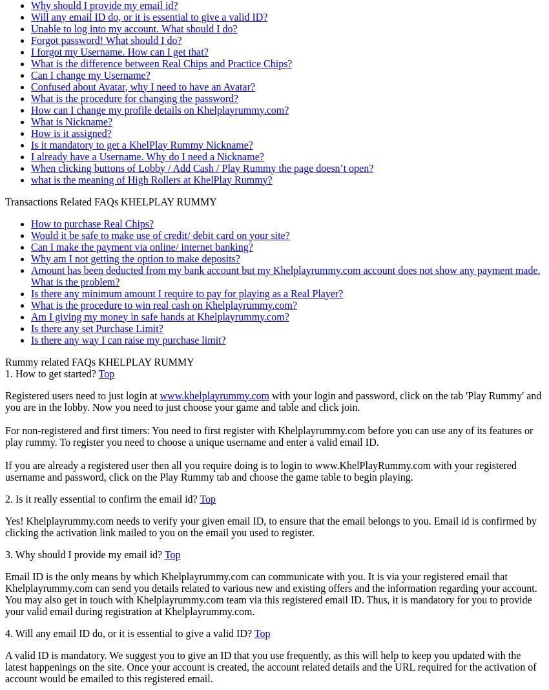  Describe the element at coordinates (90, 74) in the screenshot. I see `'Can I change my Username?'` at that location.